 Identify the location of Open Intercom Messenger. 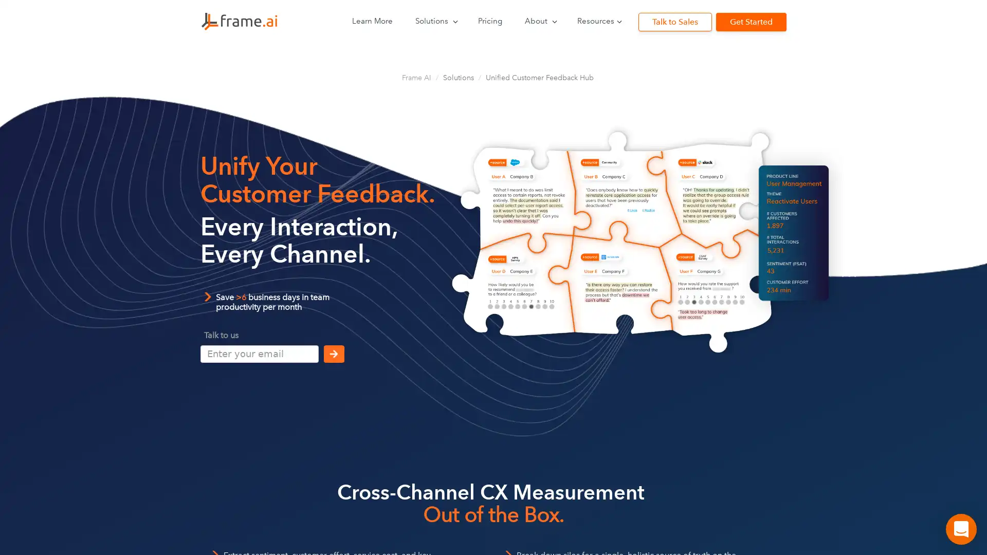
(961, 529).